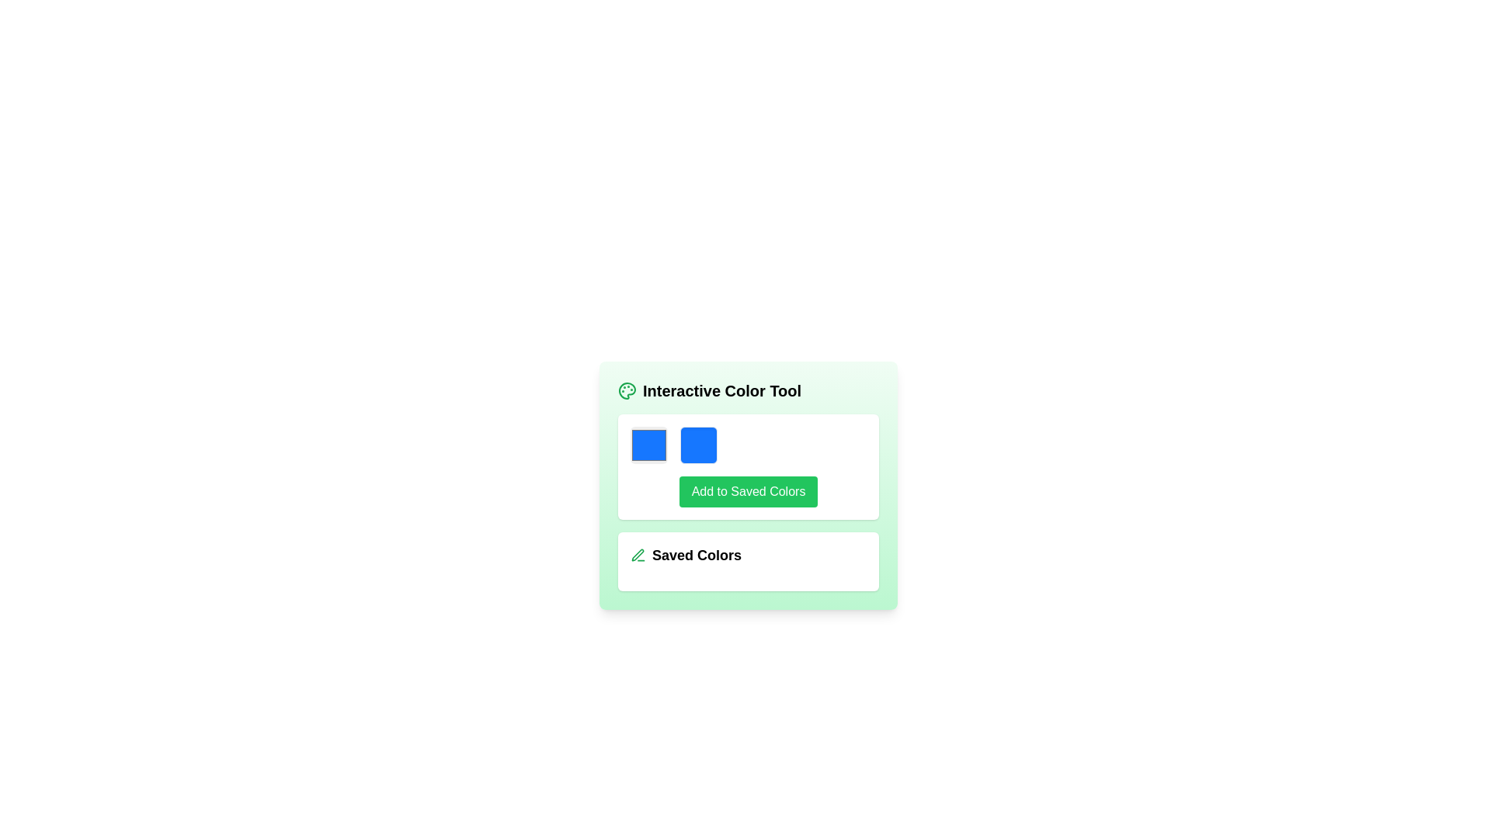 The image size is (1491, 838). Describe the element at coordinates (749, 491) in the screenshot. I see `the 'Add` at that location.